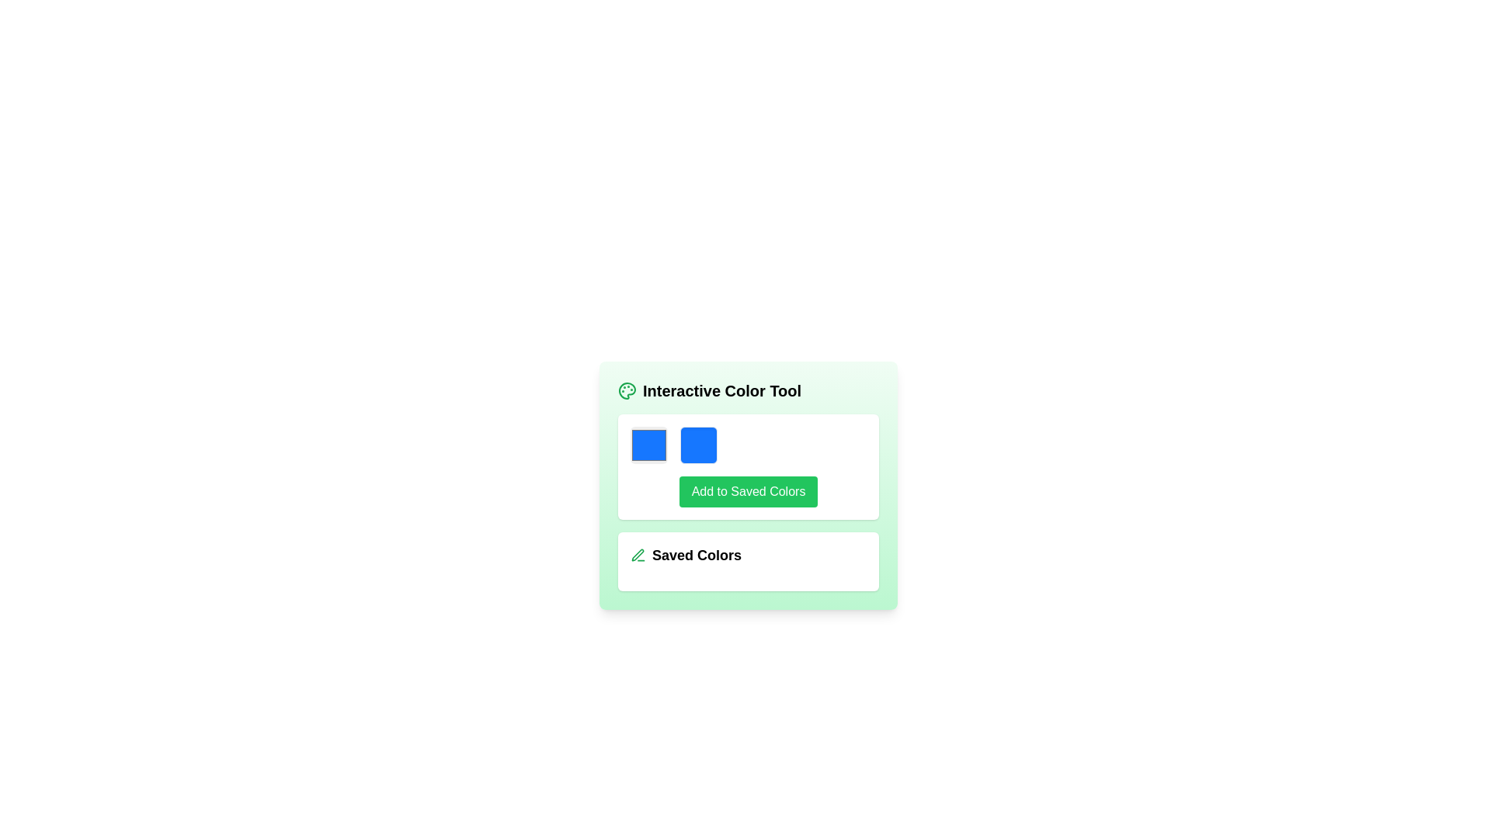 The image size is (1491, 838). Describe the element at coordinates (749, 491) in the screenshot. I see `the 'Add` at that location.